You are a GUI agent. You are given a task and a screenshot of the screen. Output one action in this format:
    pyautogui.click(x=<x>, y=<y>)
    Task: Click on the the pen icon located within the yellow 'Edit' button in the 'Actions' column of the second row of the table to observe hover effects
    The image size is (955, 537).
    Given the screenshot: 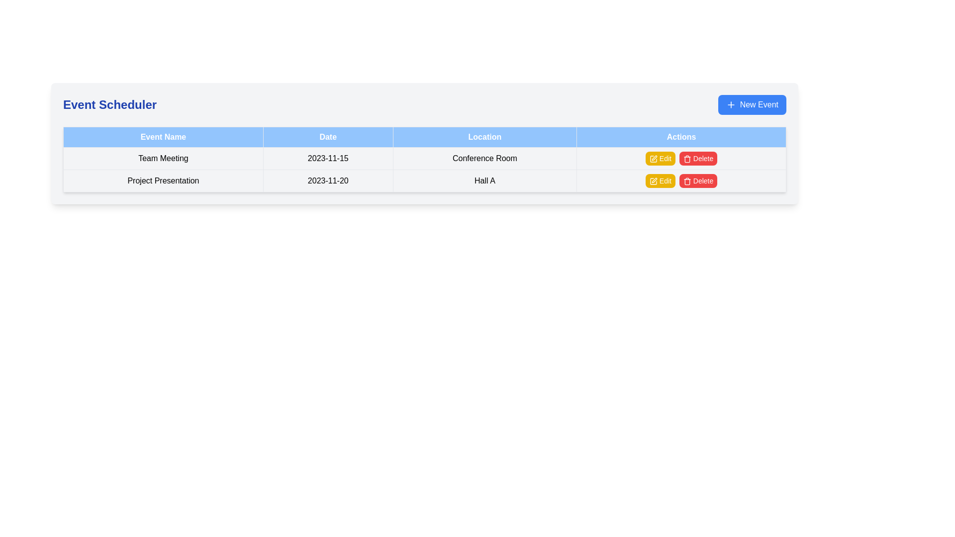 What is the action you would take?
    pyautogui.click(x=653, y=159)
    